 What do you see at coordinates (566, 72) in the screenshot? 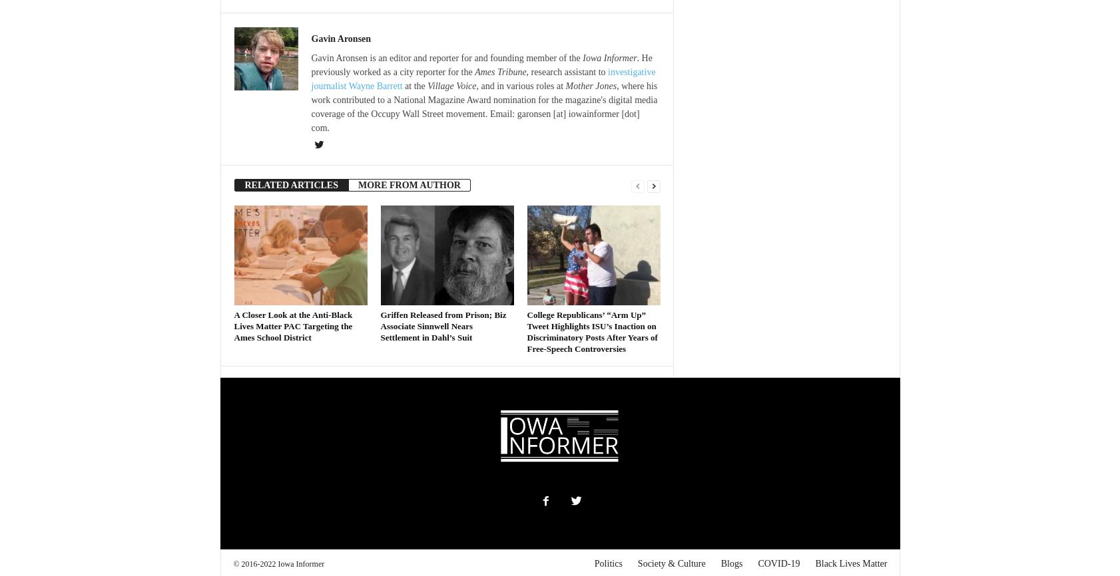
I see `', research assistant to'` at bounding box center [566, 72].